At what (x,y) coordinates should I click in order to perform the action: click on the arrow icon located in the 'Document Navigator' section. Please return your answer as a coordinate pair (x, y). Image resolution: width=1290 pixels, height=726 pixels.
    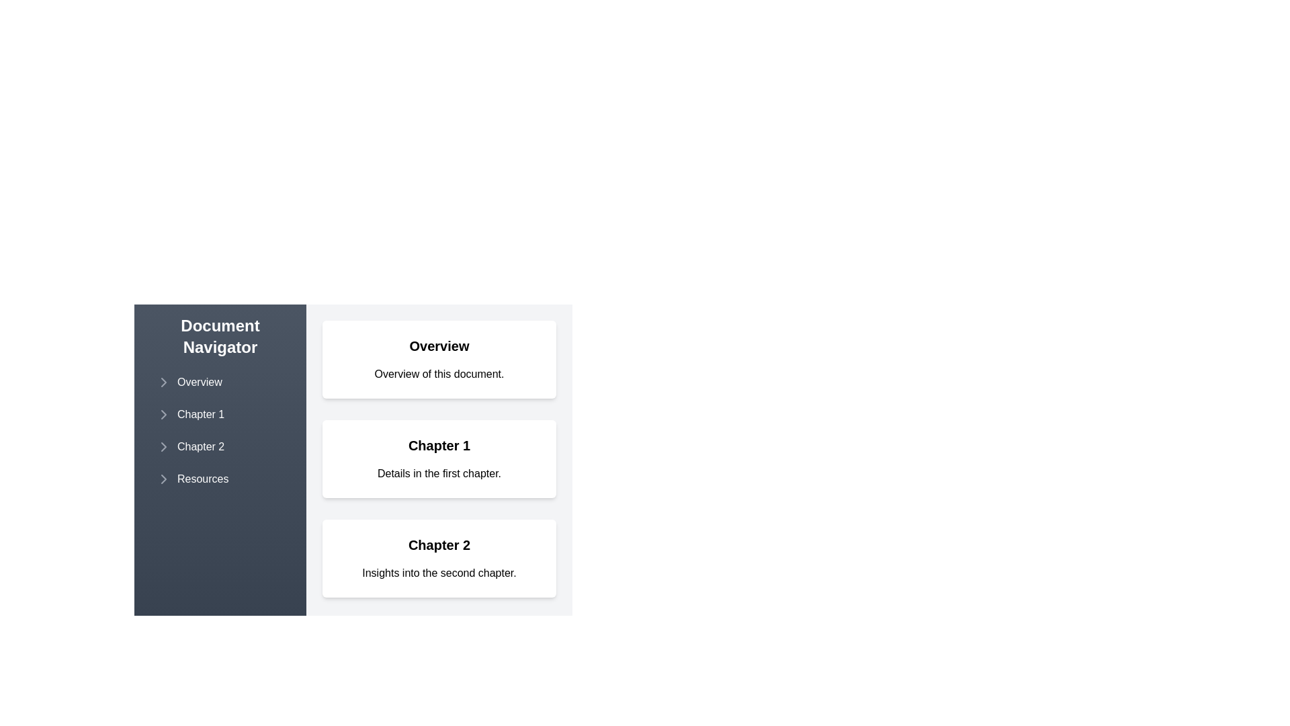
    Looking at the image, I should click on (163, 414).